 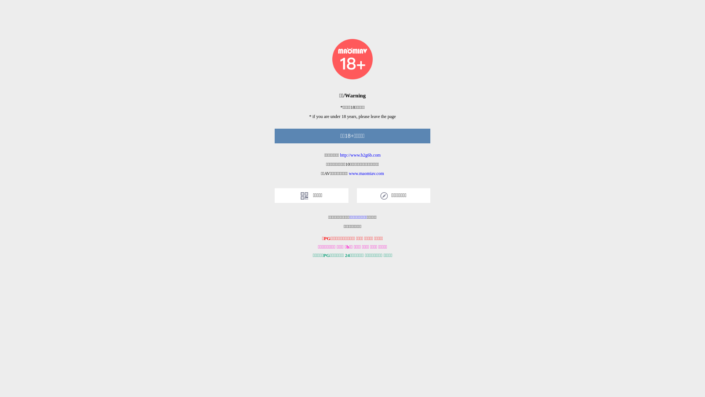 I want to click on 'www.maomiav.com', so click(x=366, y=173).